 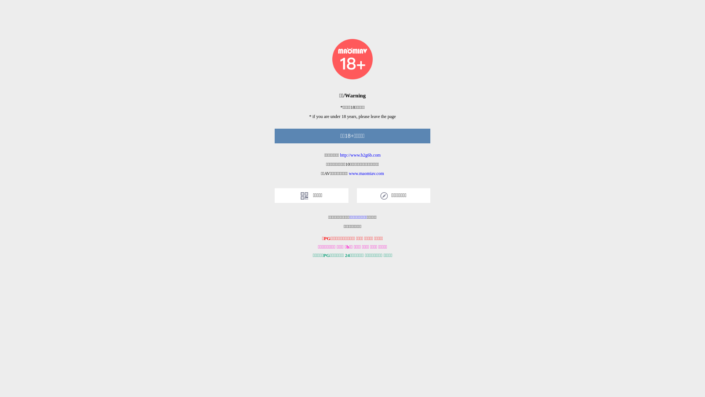 I want to click on 'www.maomiav.com', so click(x=366, y=173).